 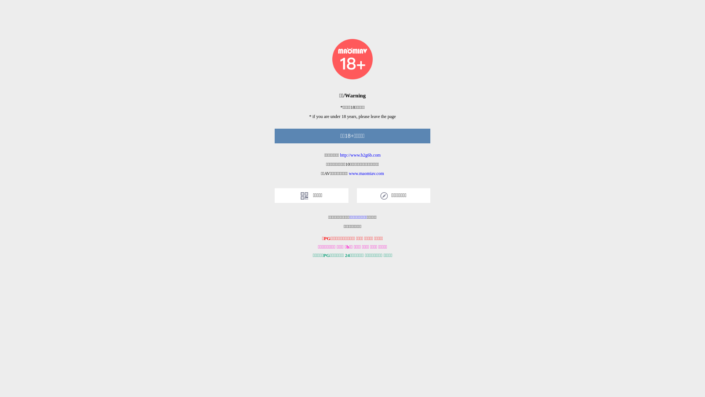 I want to click on 'www.maomiav.com', so click(x=366, y=173).